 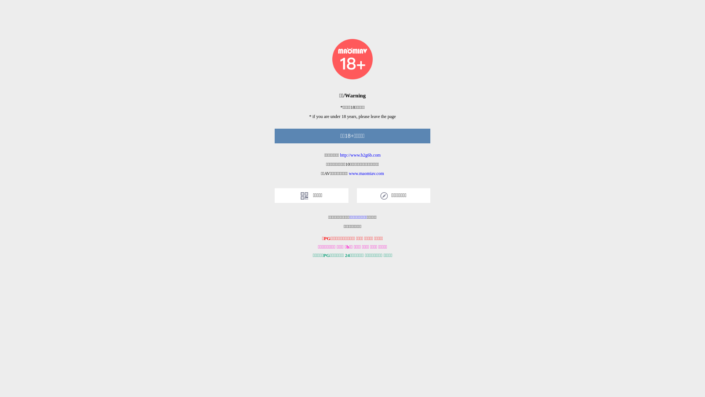 I want to click on 'www.maomiav.com', so click(x=366, y=173).